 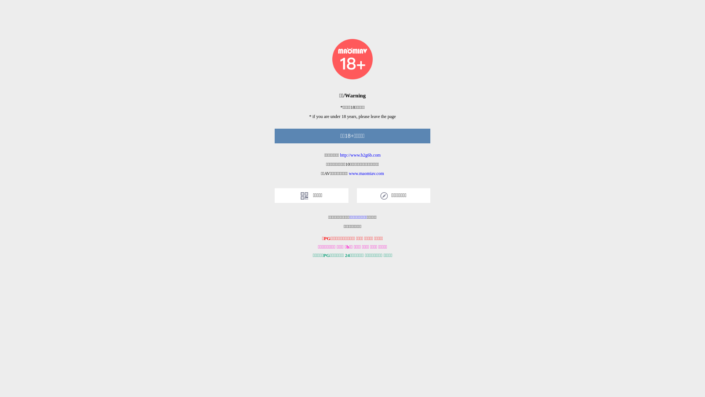 I want to click on 'www.maomiav.com', so click(x=366, y=173).